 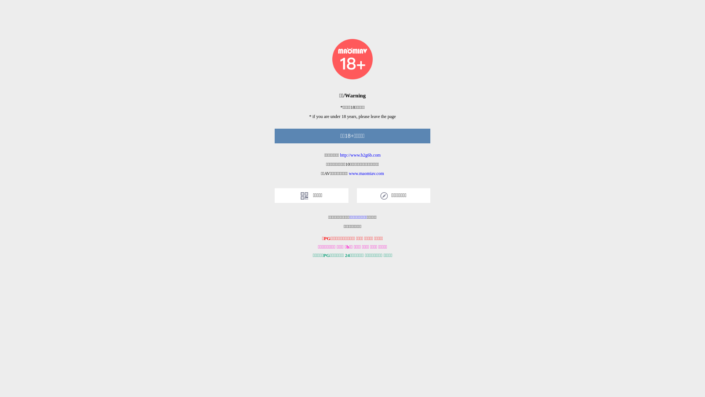 I want to click on 'www.maomiav.com', so click(x=366, y=173).